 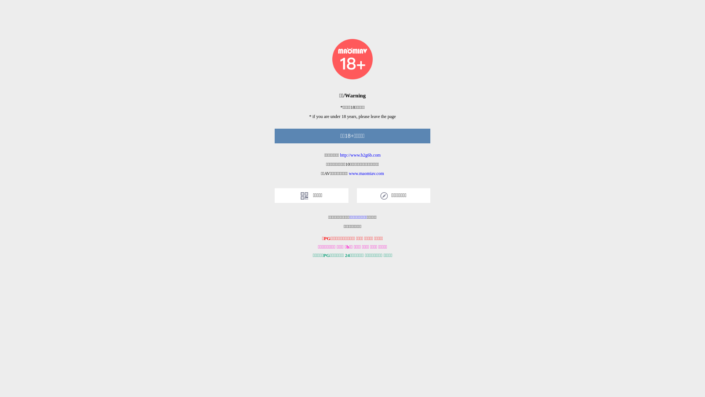 I want to click on 'www.maomiav.com', so click(x=366, y=173).